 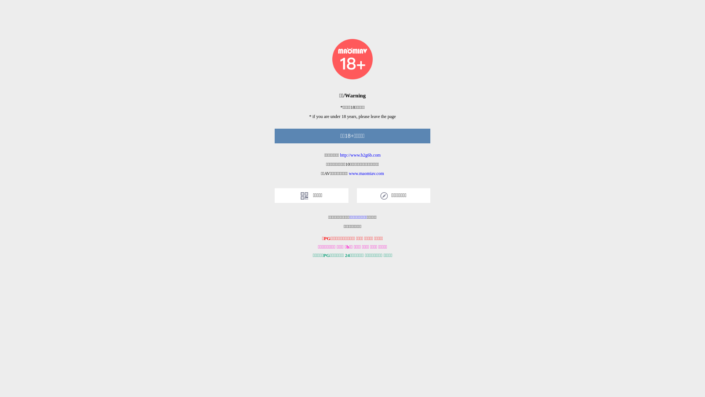 I want to click on 'www.maomiav.com', so click(x=366, y=173).